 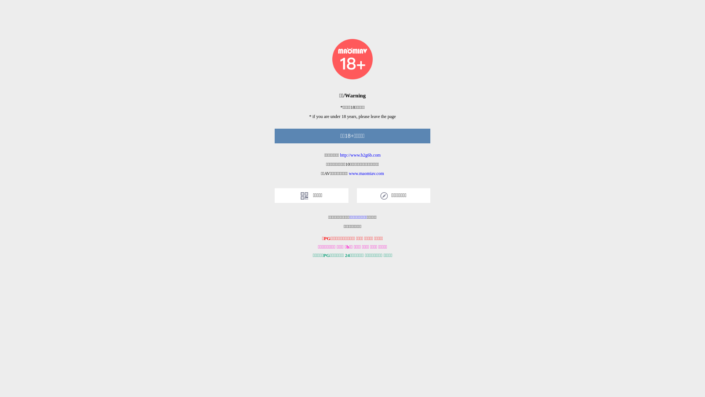 I want to click on 'www.maomiav.com', so click(x=366, y=173).